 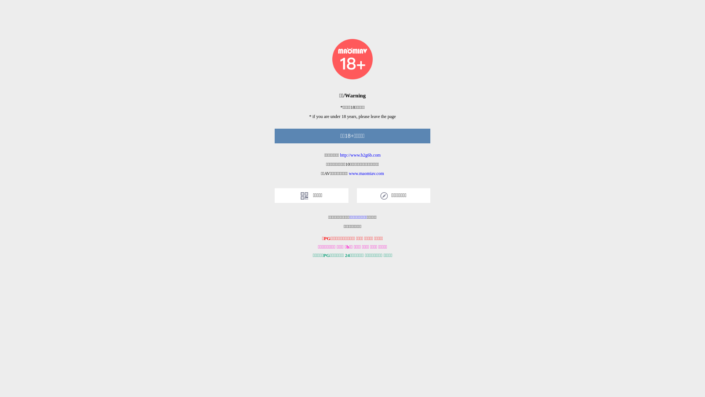 I want to click on 'www.maomiav.com', so click(x=366, y=173).